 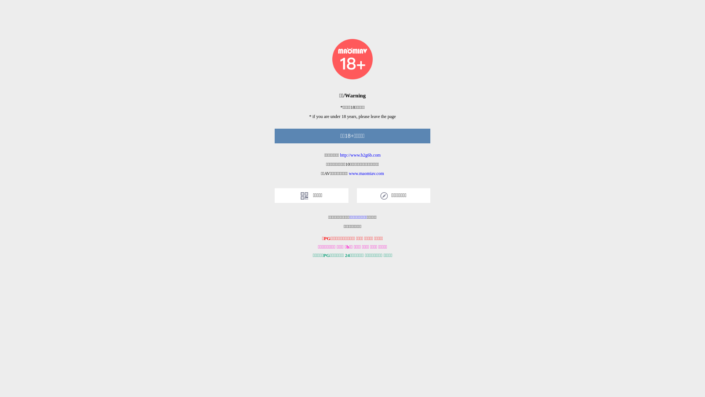 I want to click on 'www.maomiav.com', so click(x=366, y=173).